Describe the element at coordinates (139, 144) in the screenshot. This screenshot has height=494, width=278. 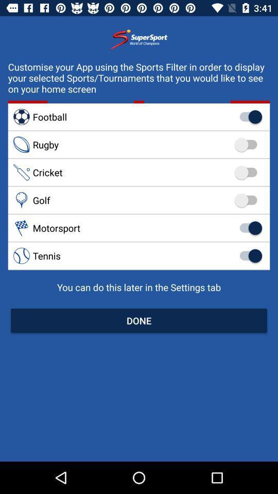
I see `rugby` at that location.